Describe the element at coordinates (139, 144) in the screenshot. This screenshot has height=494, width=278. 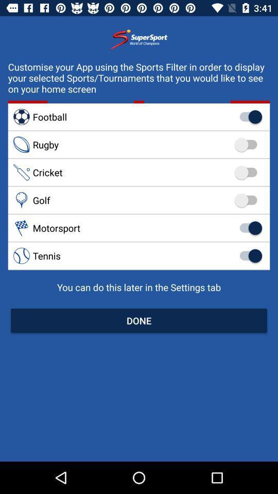
I see `rugby` at that location.